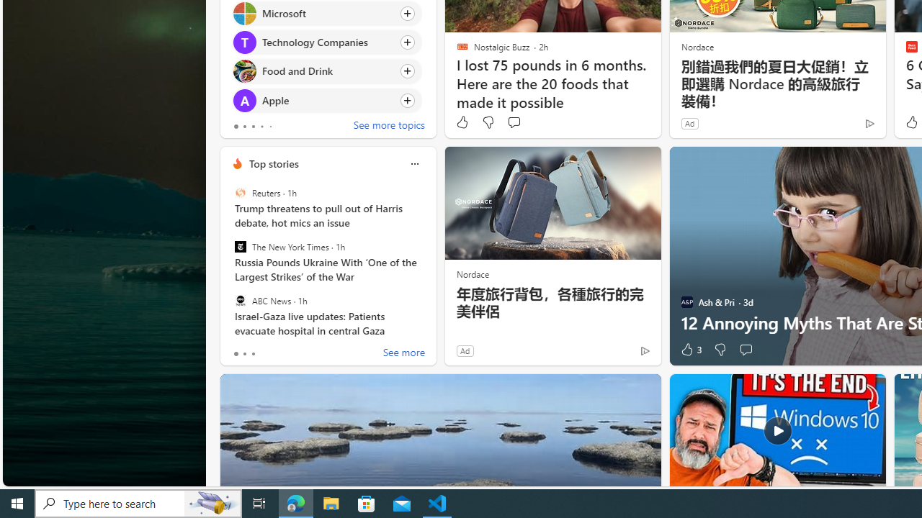 The height and width of the screenshot is (518, 922). Describe the element at coordinates (240, 246) in the screenshot. I see `'The New York Times'` at that location.